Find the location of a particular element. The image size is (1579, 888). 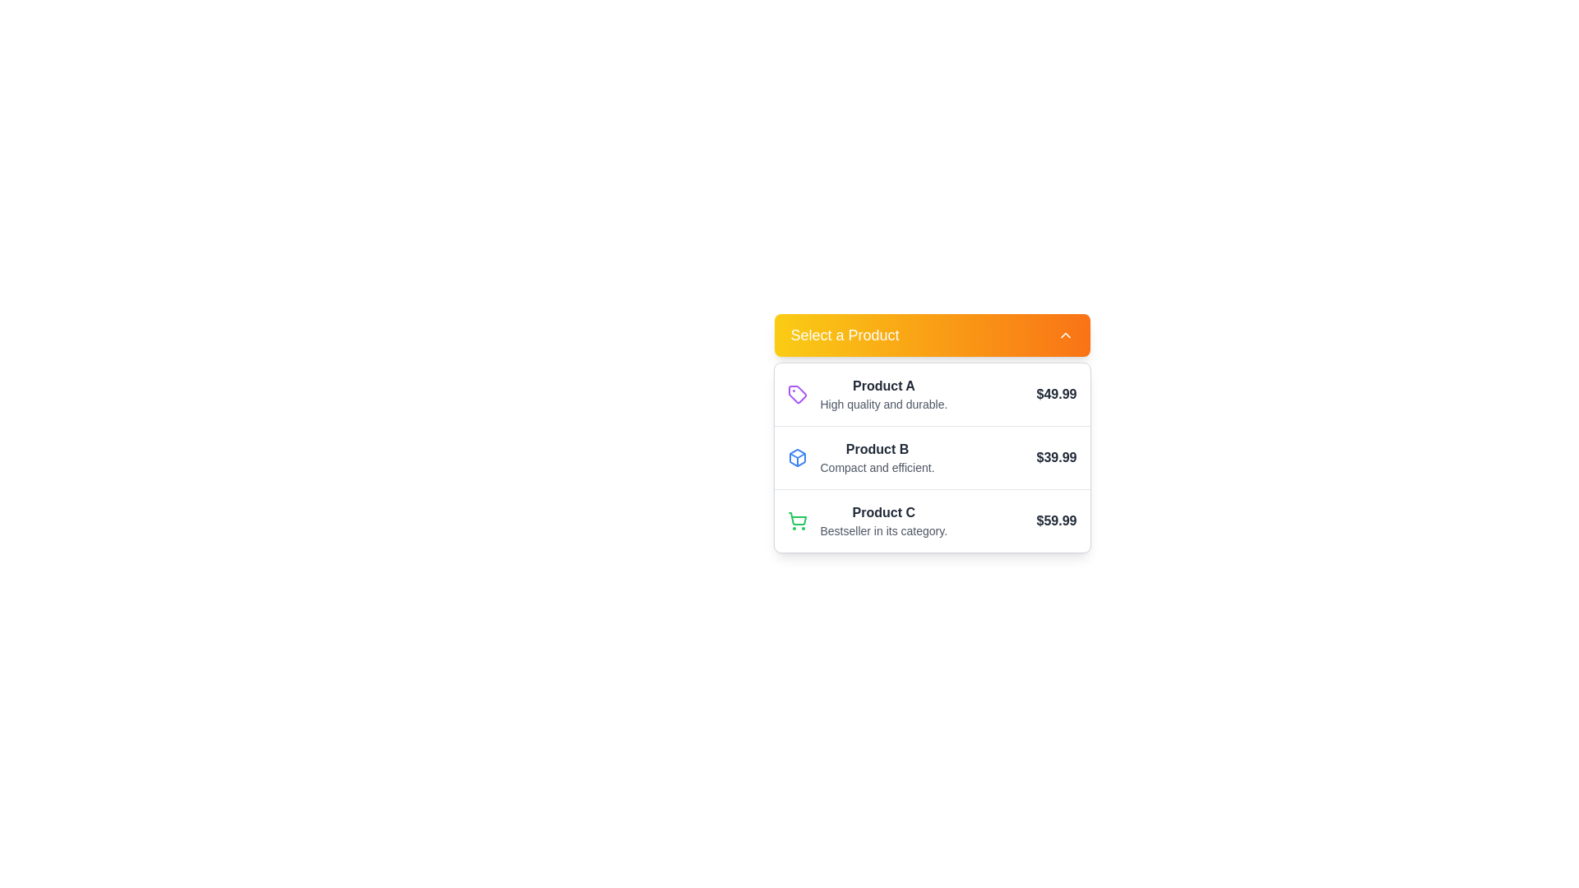

the last product listing is located at coordinates (932, 520).